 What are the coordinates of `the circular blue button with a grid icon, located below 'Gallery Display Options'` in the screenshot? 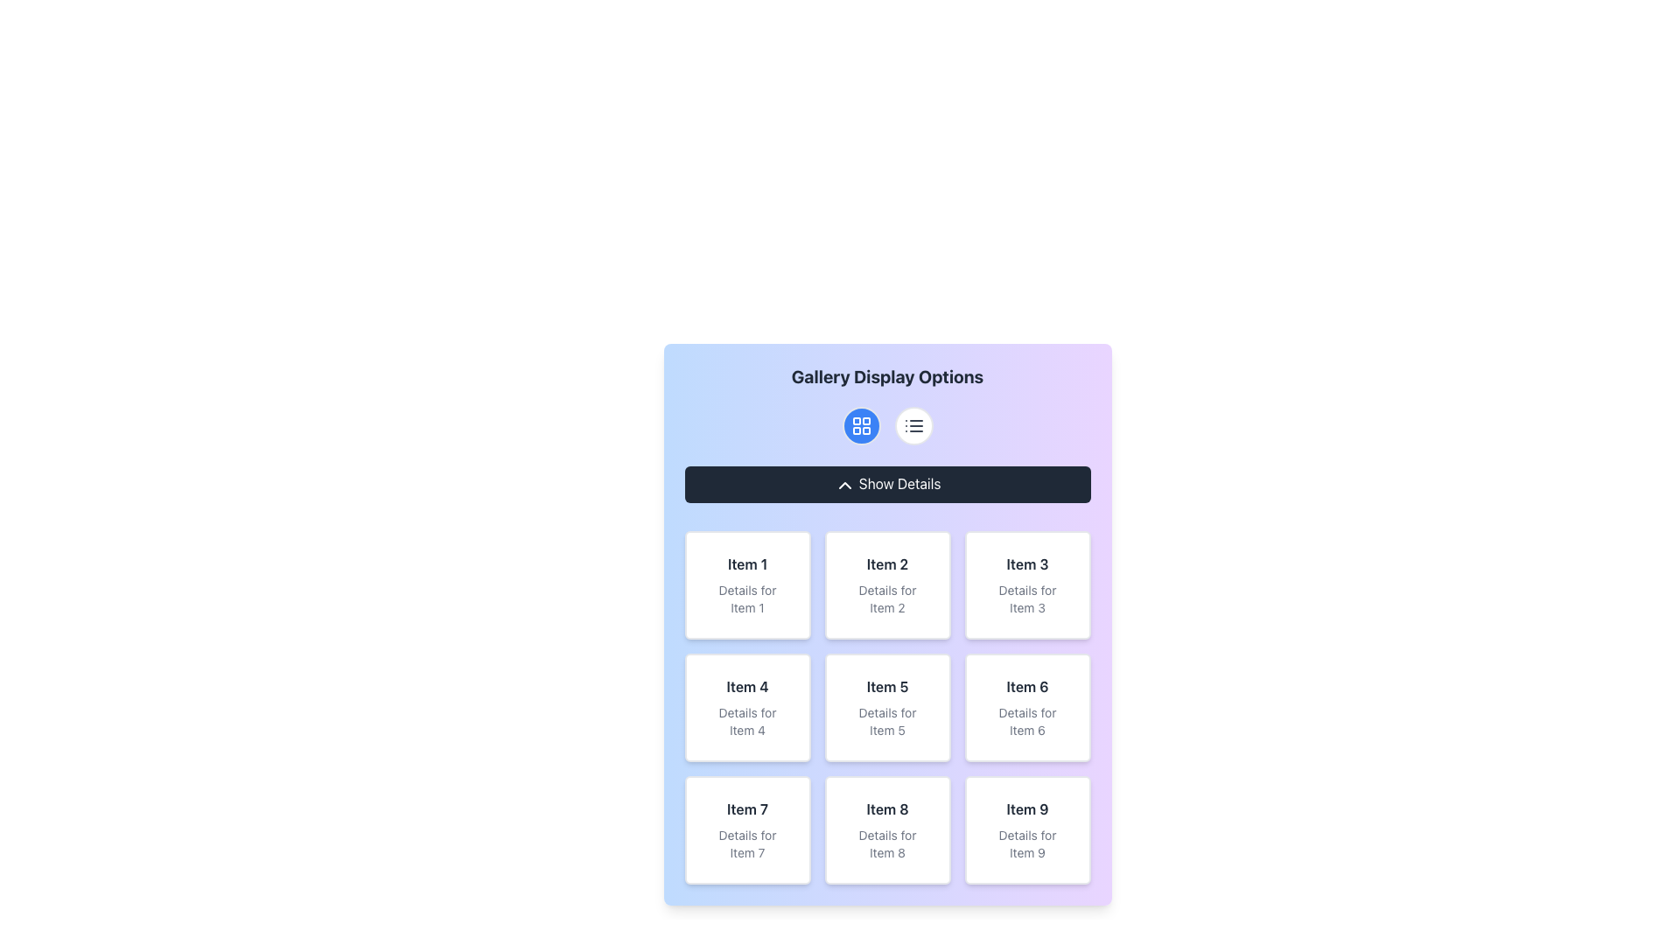 It's located at (861, 425).